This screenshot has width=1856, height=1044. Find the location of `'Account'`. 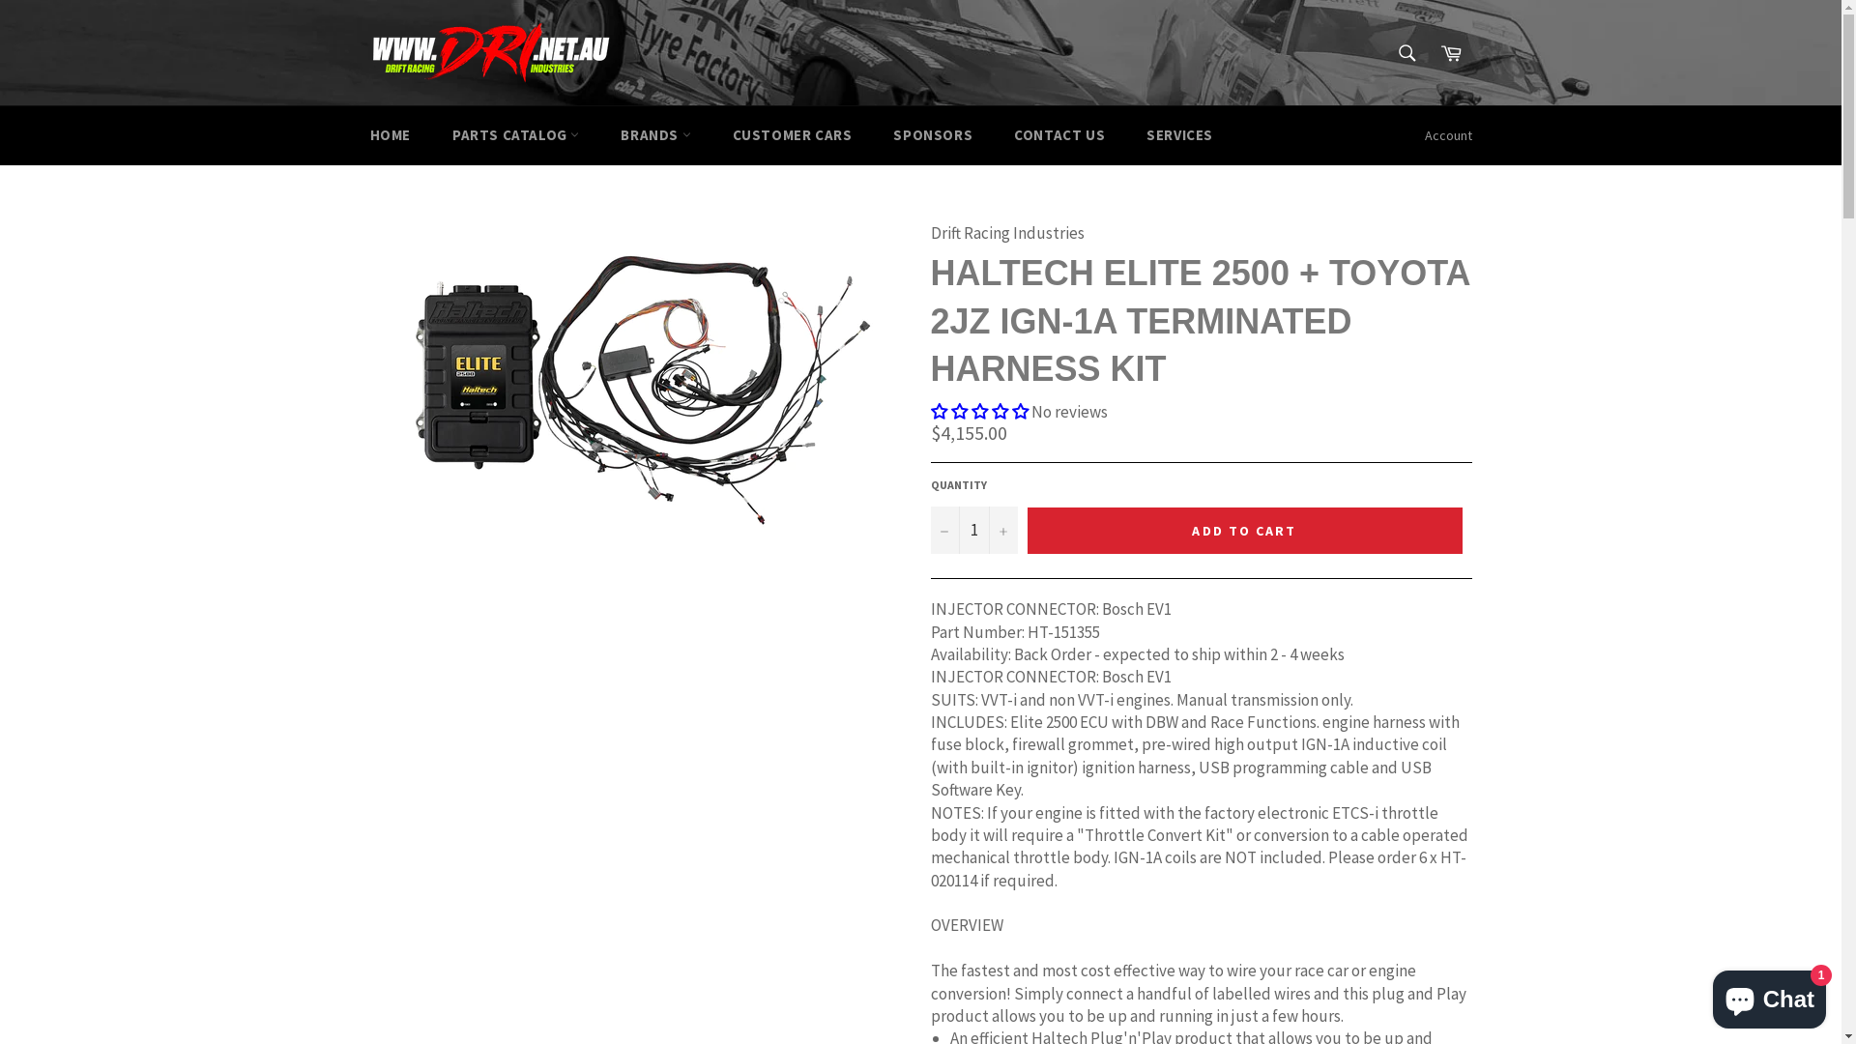

'Account' is located at coordinates (1448, 134).